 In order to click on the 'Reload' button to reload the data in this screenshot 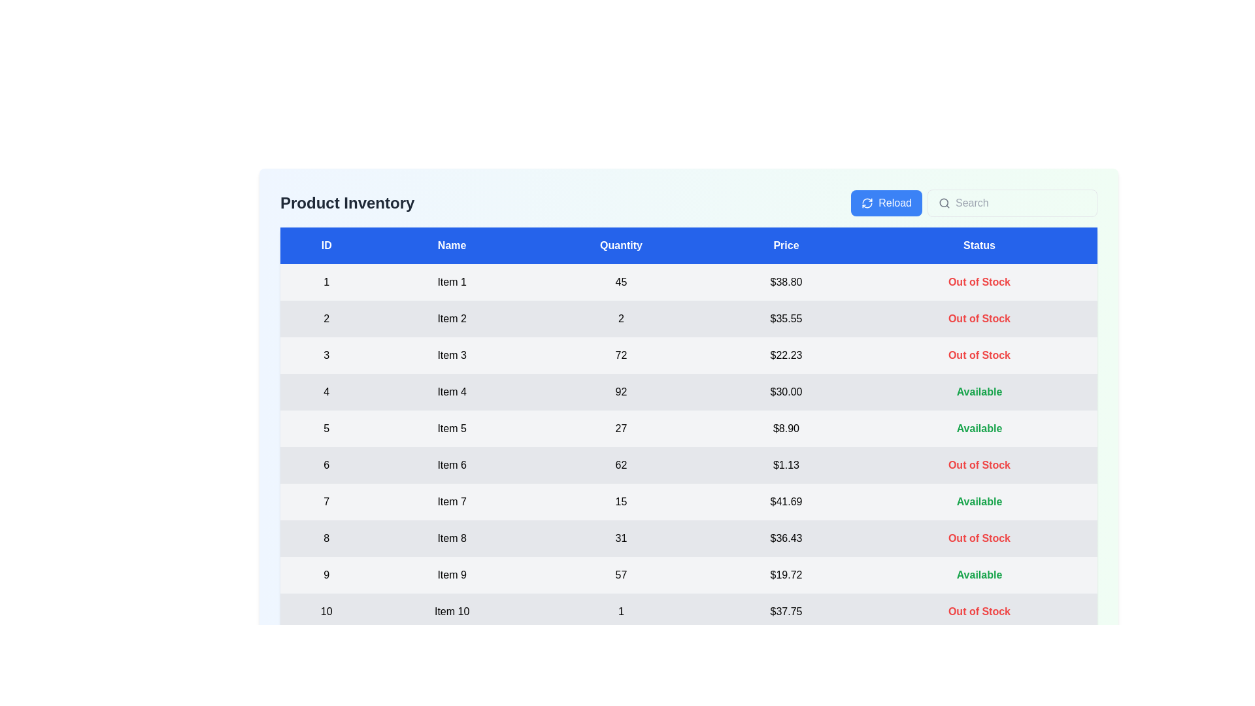, I will do `click(886, 203)`.